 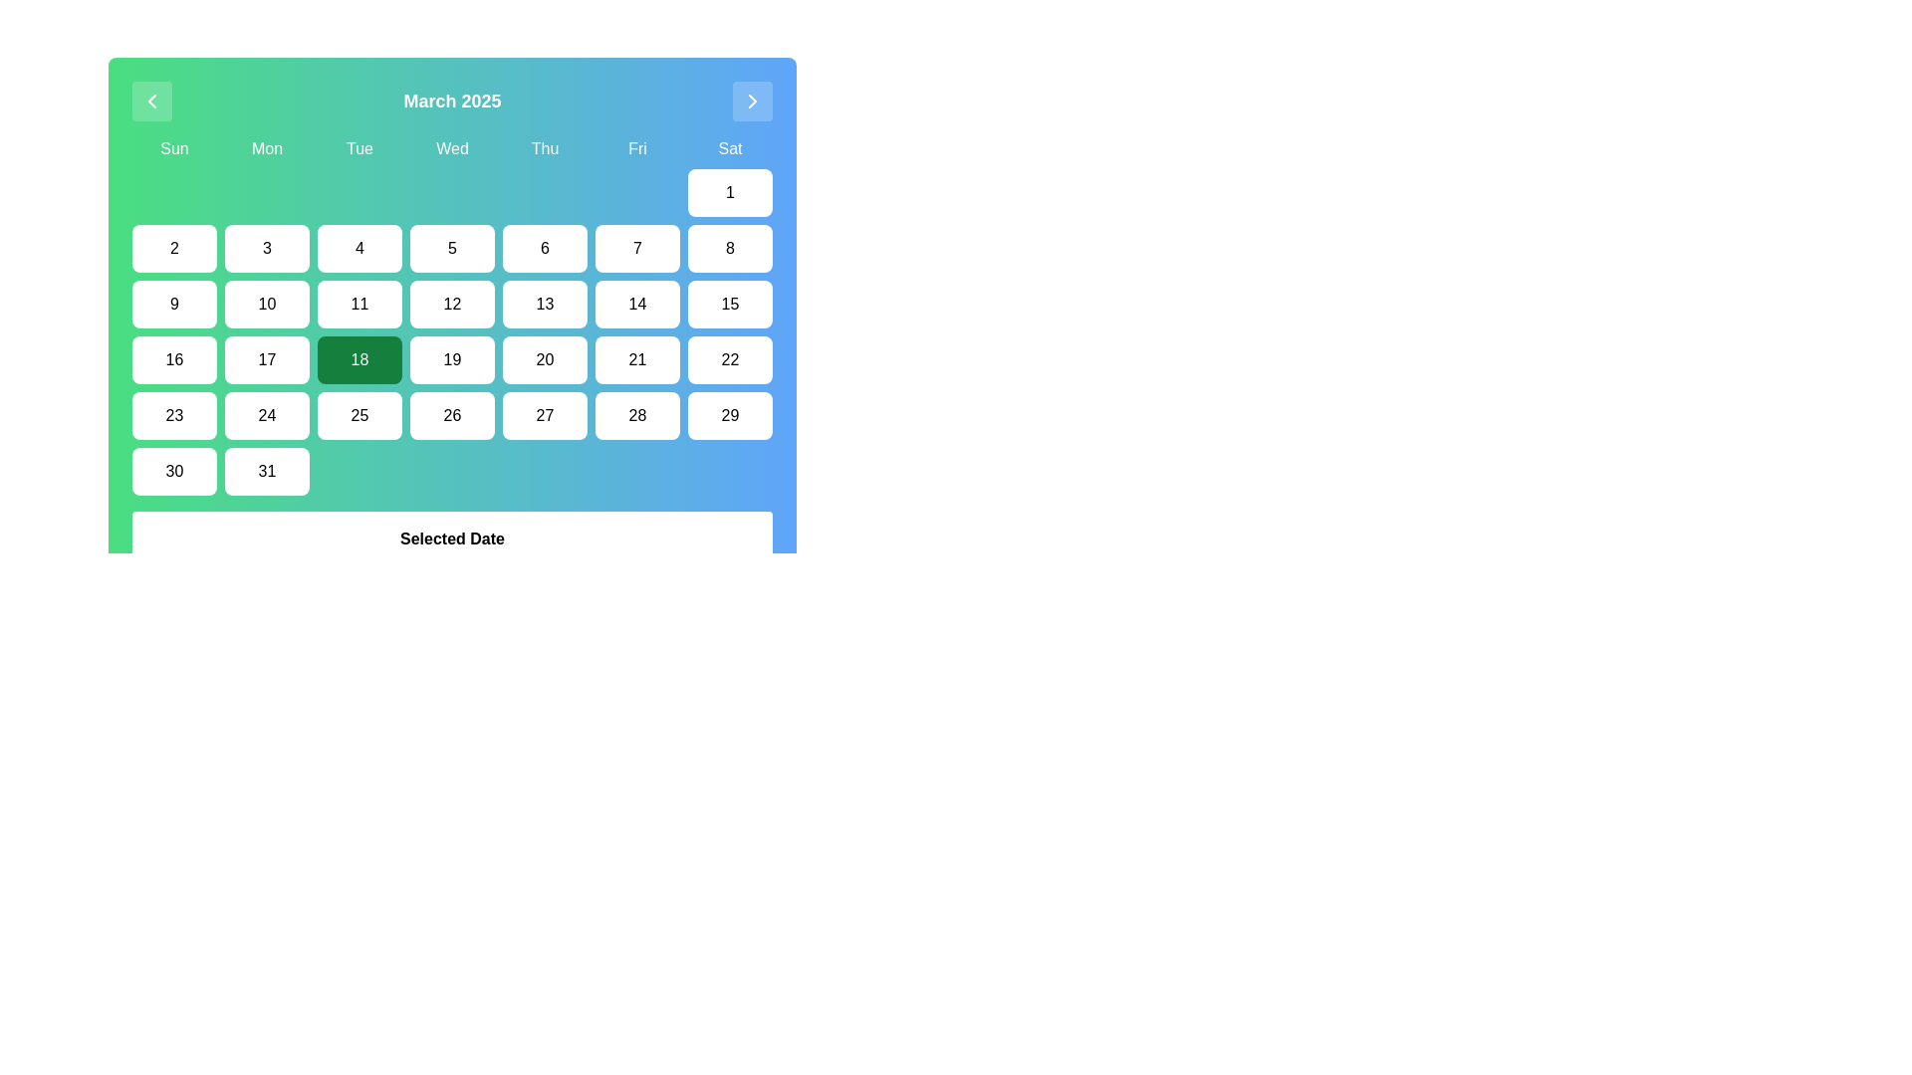 I want to click on the sixth cell in the first row of the calendar grid, which serves as a non-interactive placeholder under 'Fri', so click(x=637, y=192).